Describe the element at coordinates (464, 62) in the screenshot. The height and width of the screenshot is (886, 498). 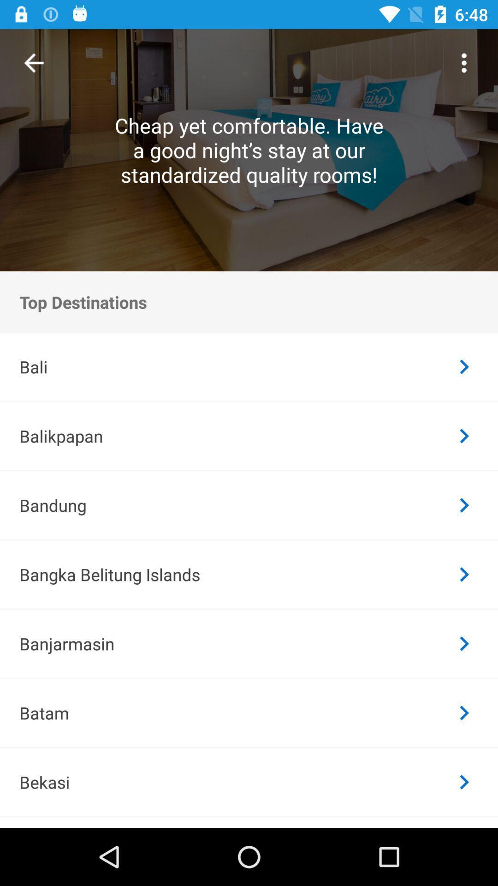
I see `the icon at the top right corner` at that location.